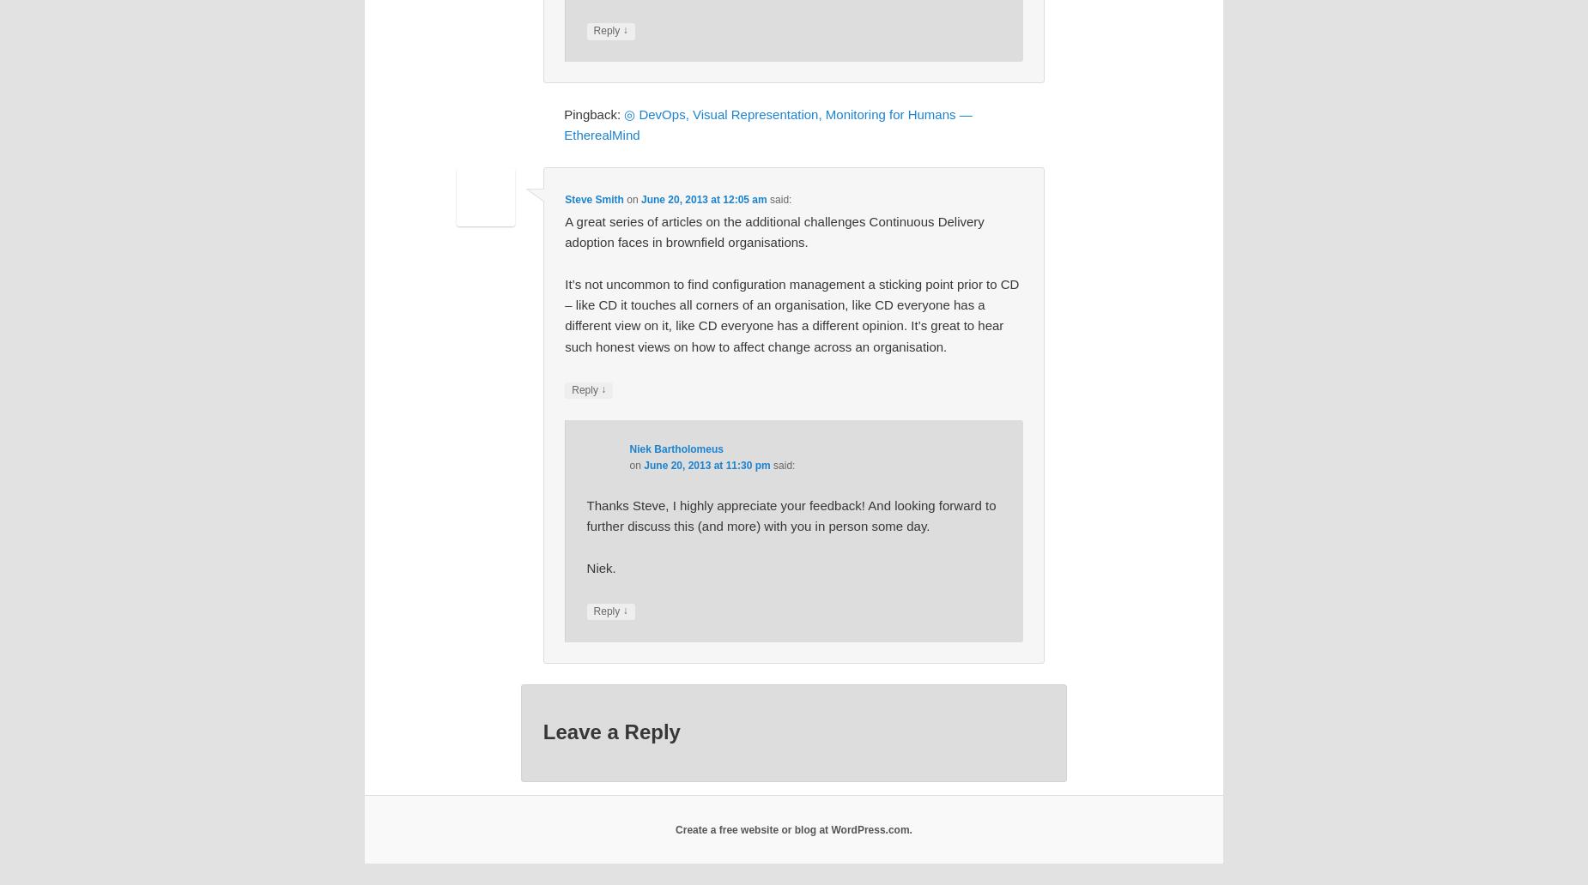 The image size is (1588, 885). Describe the element at coordinates (703, 199) in the screenshot. I see `'June 20, 2013 at 12:05 am'` at that location.